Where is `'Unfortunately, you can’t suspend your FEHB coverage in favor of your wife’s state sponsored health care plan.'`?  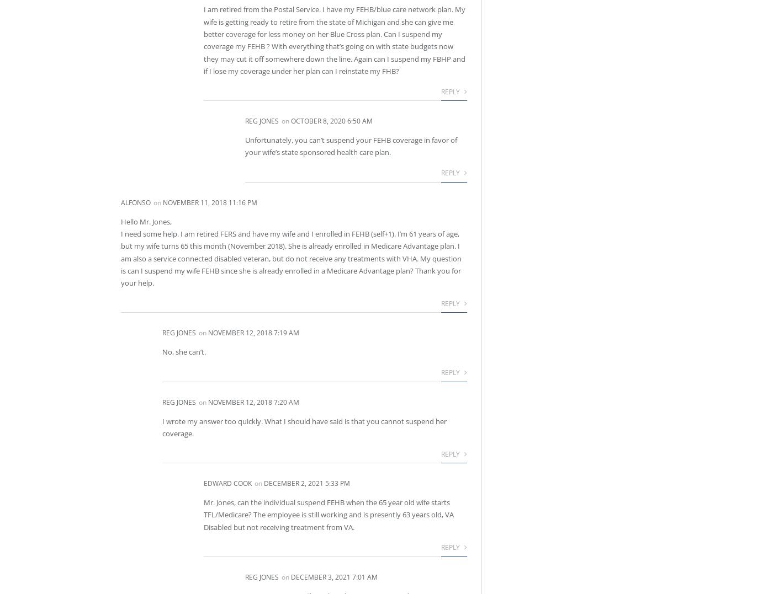 'Unfortunately, you can’t suspend your FEHB coverage in favor of your wife’s state sponsored health care plan.' is located at coordinates (351, 146).